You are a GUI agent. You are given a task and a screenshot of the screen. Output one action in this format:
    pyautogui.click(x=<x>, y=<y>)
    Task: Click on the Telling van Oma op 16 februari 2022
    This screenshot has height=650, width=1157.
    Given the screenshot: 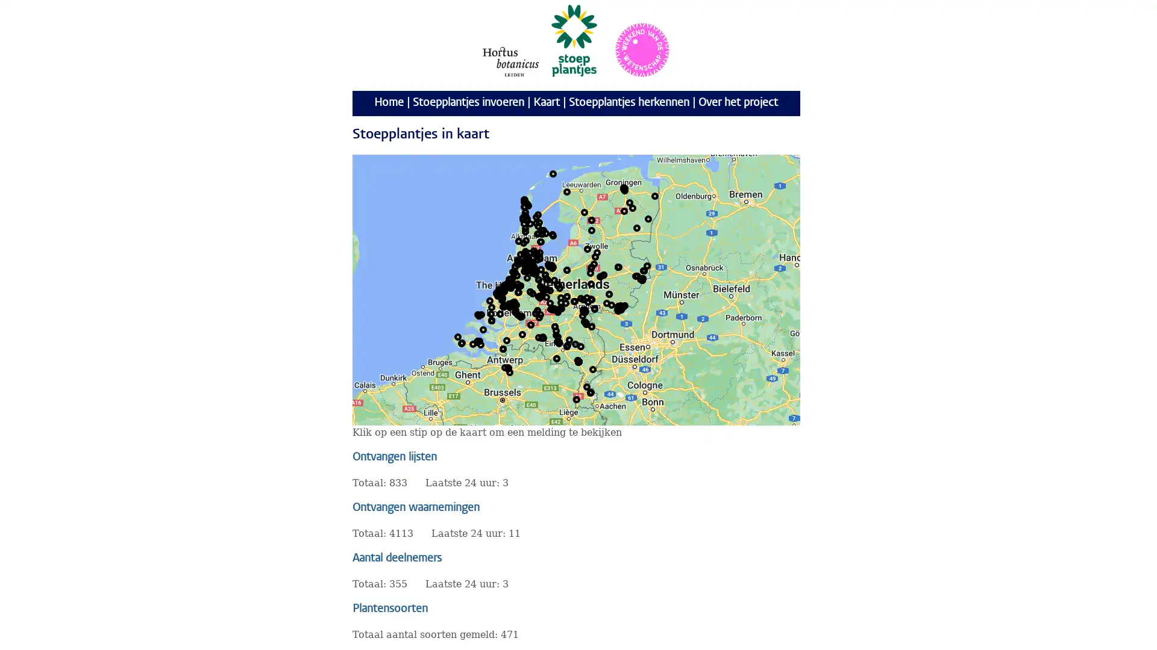 What is the action you would take?
    pyautogui.click(x=601, y=276)
    